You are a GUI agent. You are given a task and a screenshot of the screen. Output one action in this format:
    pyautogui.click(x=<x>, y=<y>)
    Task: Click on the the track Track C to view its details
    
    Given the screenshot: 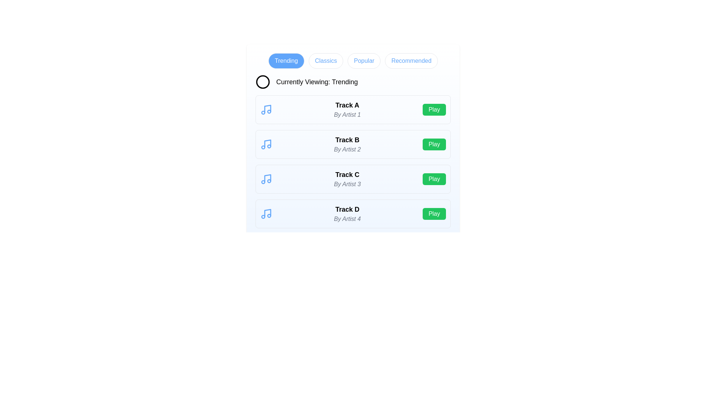 What is the action you would take?
    pyautogui.click(x=347, y=179)
    